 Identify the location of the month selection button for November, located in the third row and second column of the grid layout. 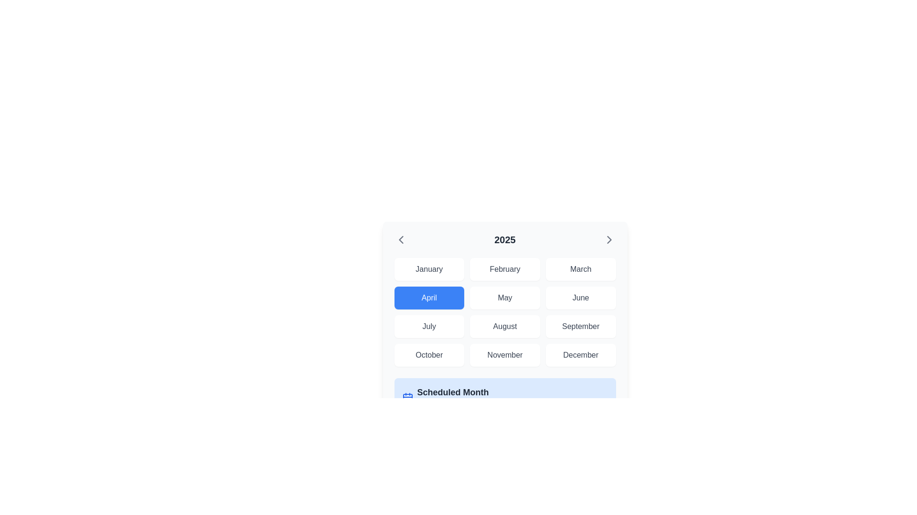
(504, 355).